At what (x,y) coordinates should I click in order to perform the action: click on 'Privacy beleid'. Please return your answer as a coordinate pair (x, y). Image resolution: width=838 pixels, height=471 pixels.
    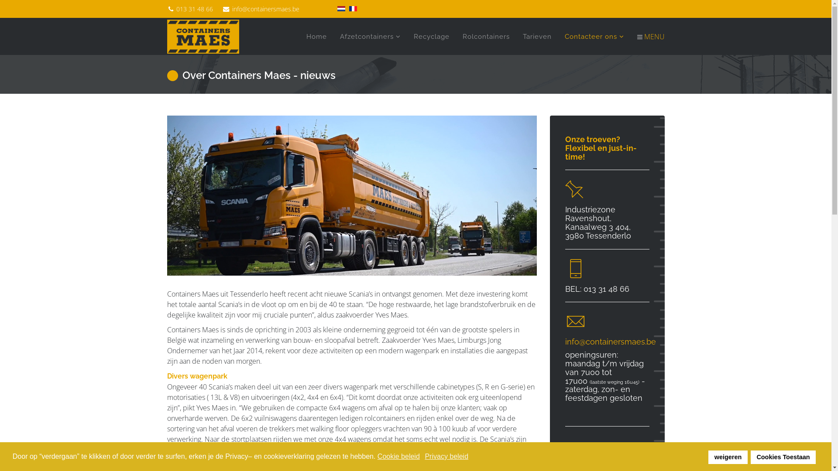
    Looking at the image, I should click on (425, 456).